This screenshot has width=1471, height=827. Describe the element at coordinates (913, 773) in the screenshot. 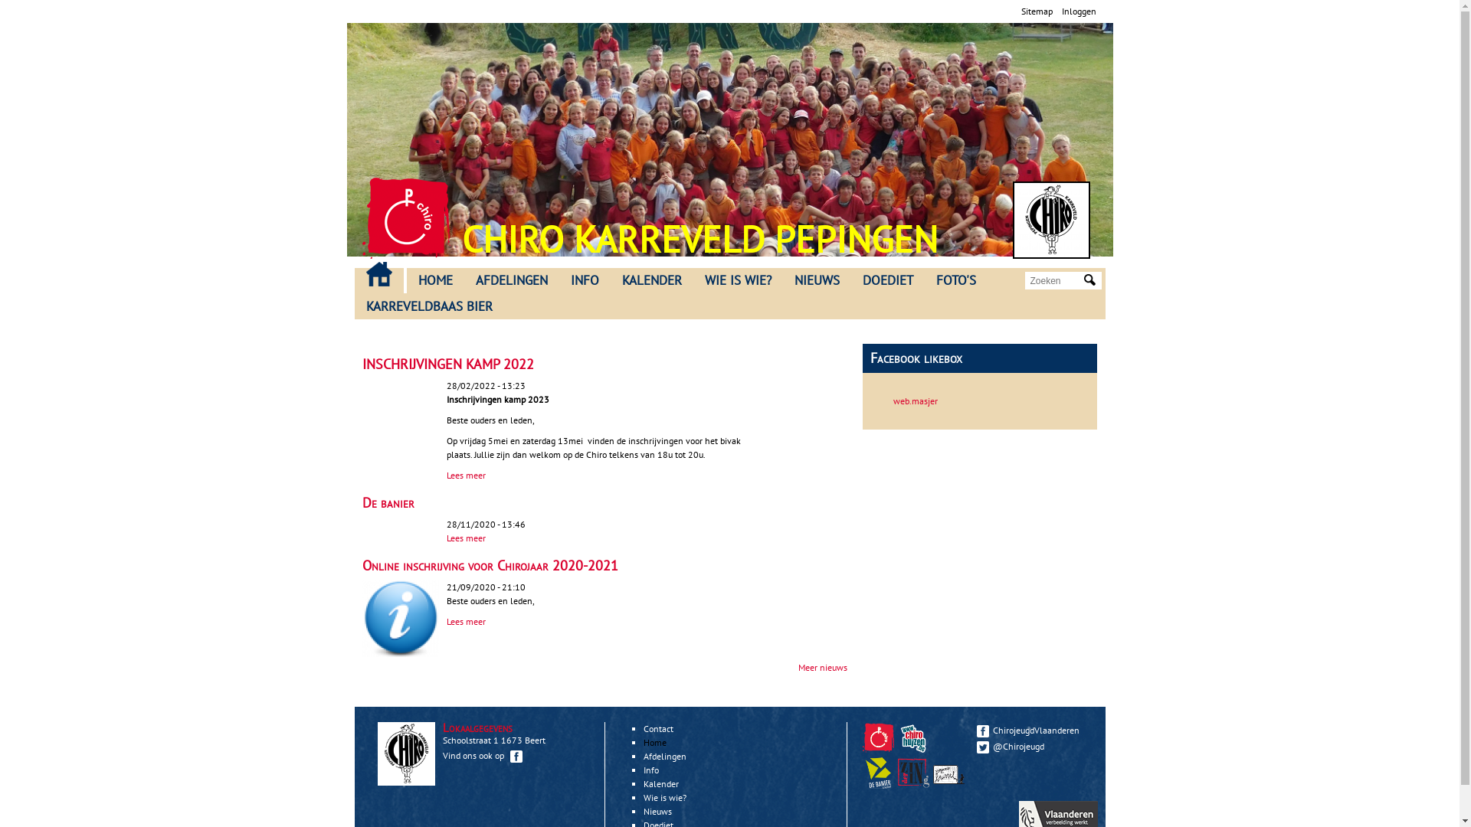

I see `'Zindering'` at that location.